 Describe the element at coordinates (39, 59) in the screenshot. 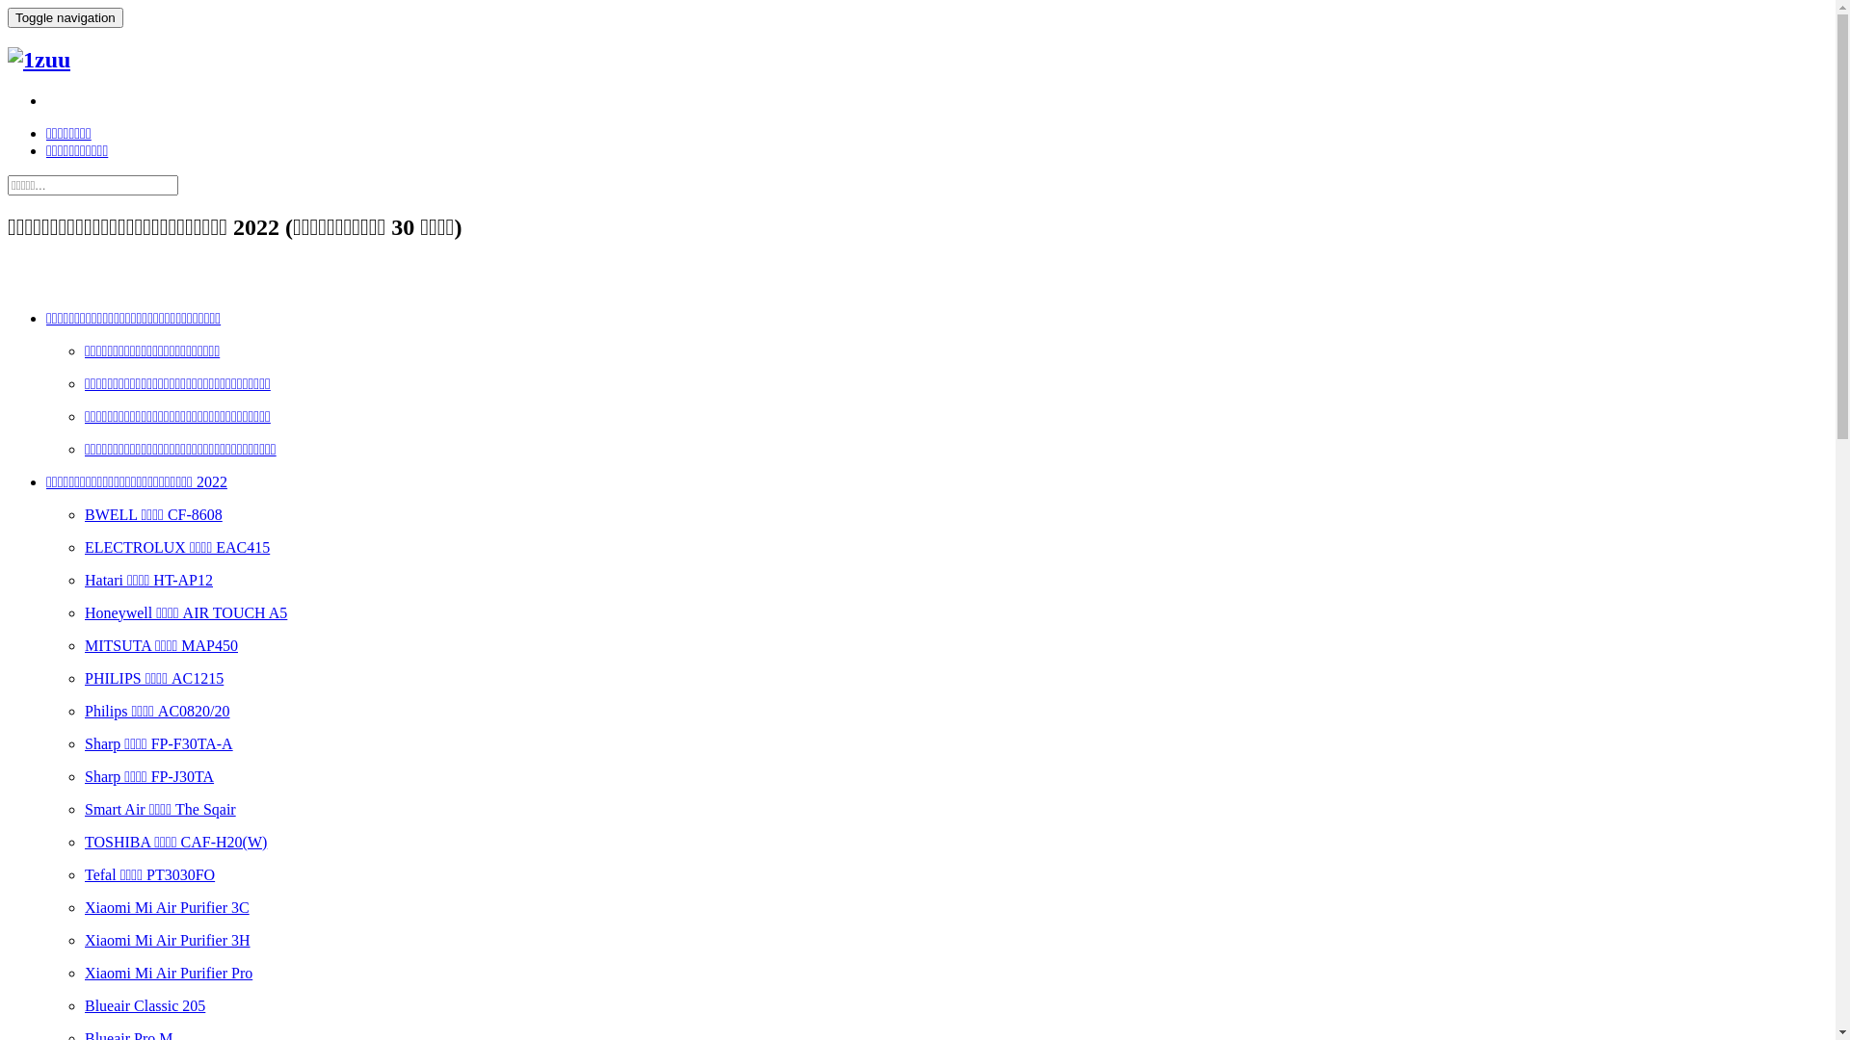

I see `'1zuu'` at that location.